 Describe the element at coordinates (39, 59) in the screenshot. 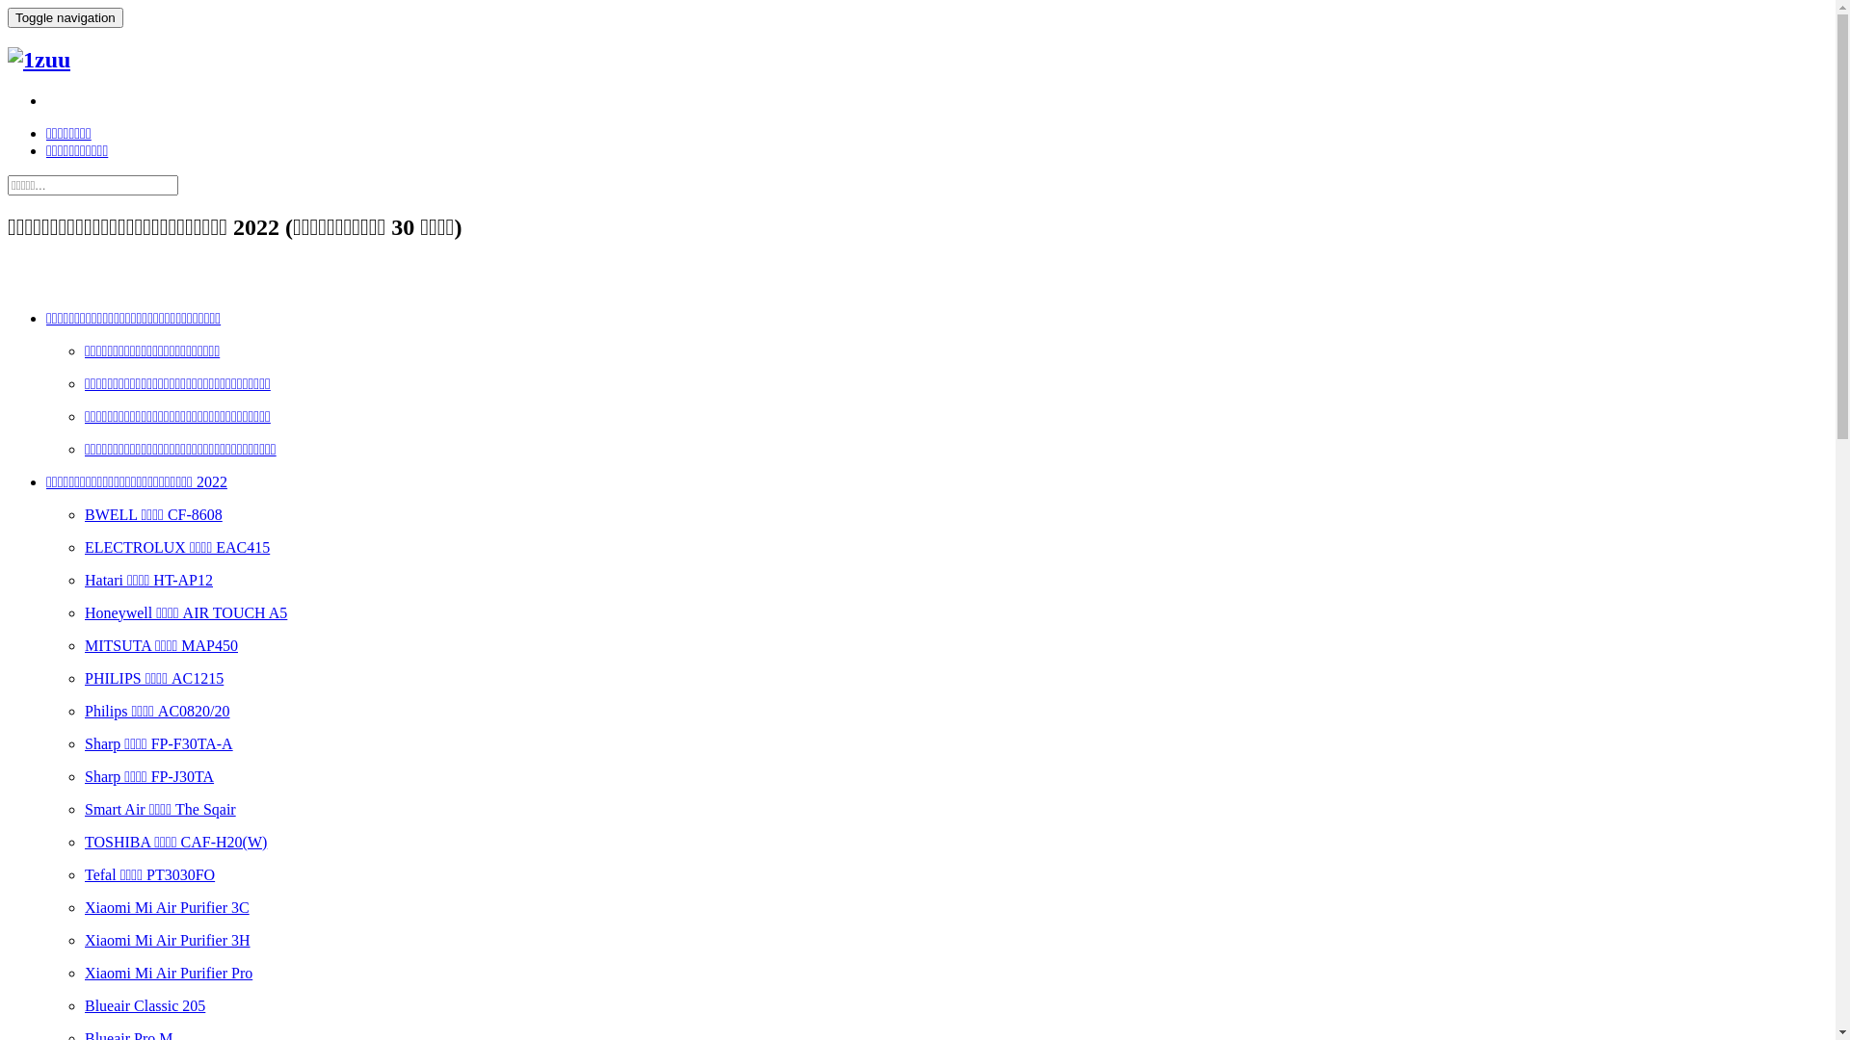

I see `'1zuu'` at that location.